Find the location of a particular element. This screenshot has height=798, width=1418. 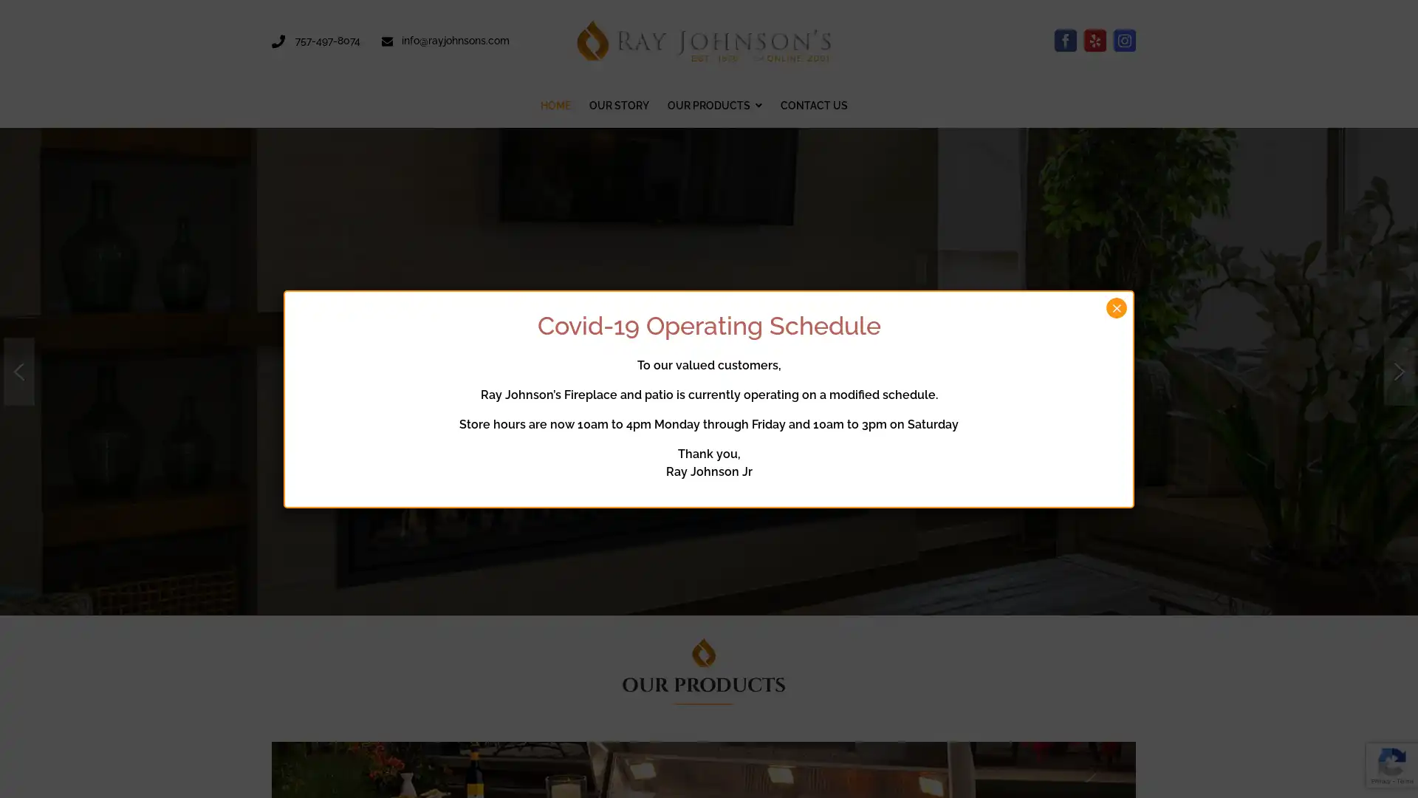

next arrow is located at coordinates (1398, 370).